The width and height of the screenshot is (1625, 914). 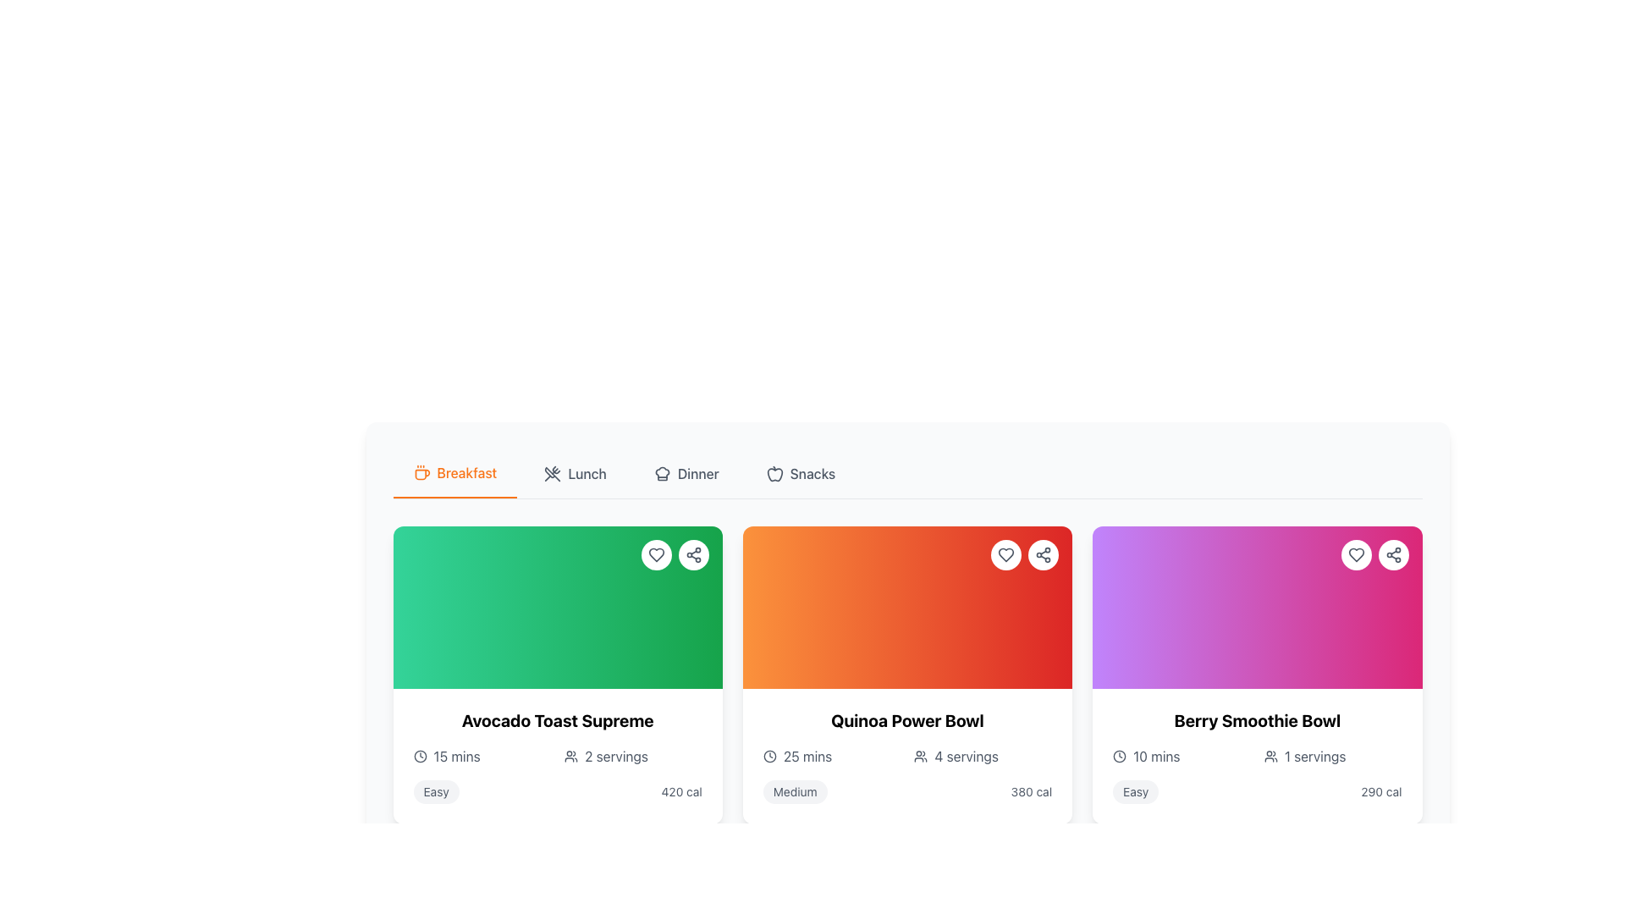 I want to click on the heart icon in the top right corner of the purple card in the third column of the grid layout to 'like' or 'favorite', so click(x=1356, y=554).